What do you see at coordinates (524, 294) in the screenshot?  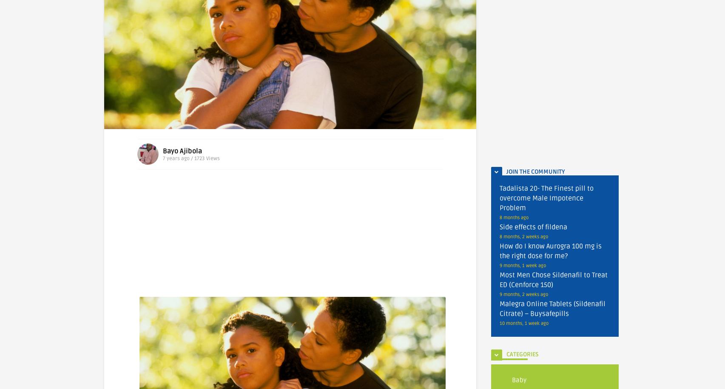 I see `'9 months, 2 weeks ago'` at bounding box center [524, 294].